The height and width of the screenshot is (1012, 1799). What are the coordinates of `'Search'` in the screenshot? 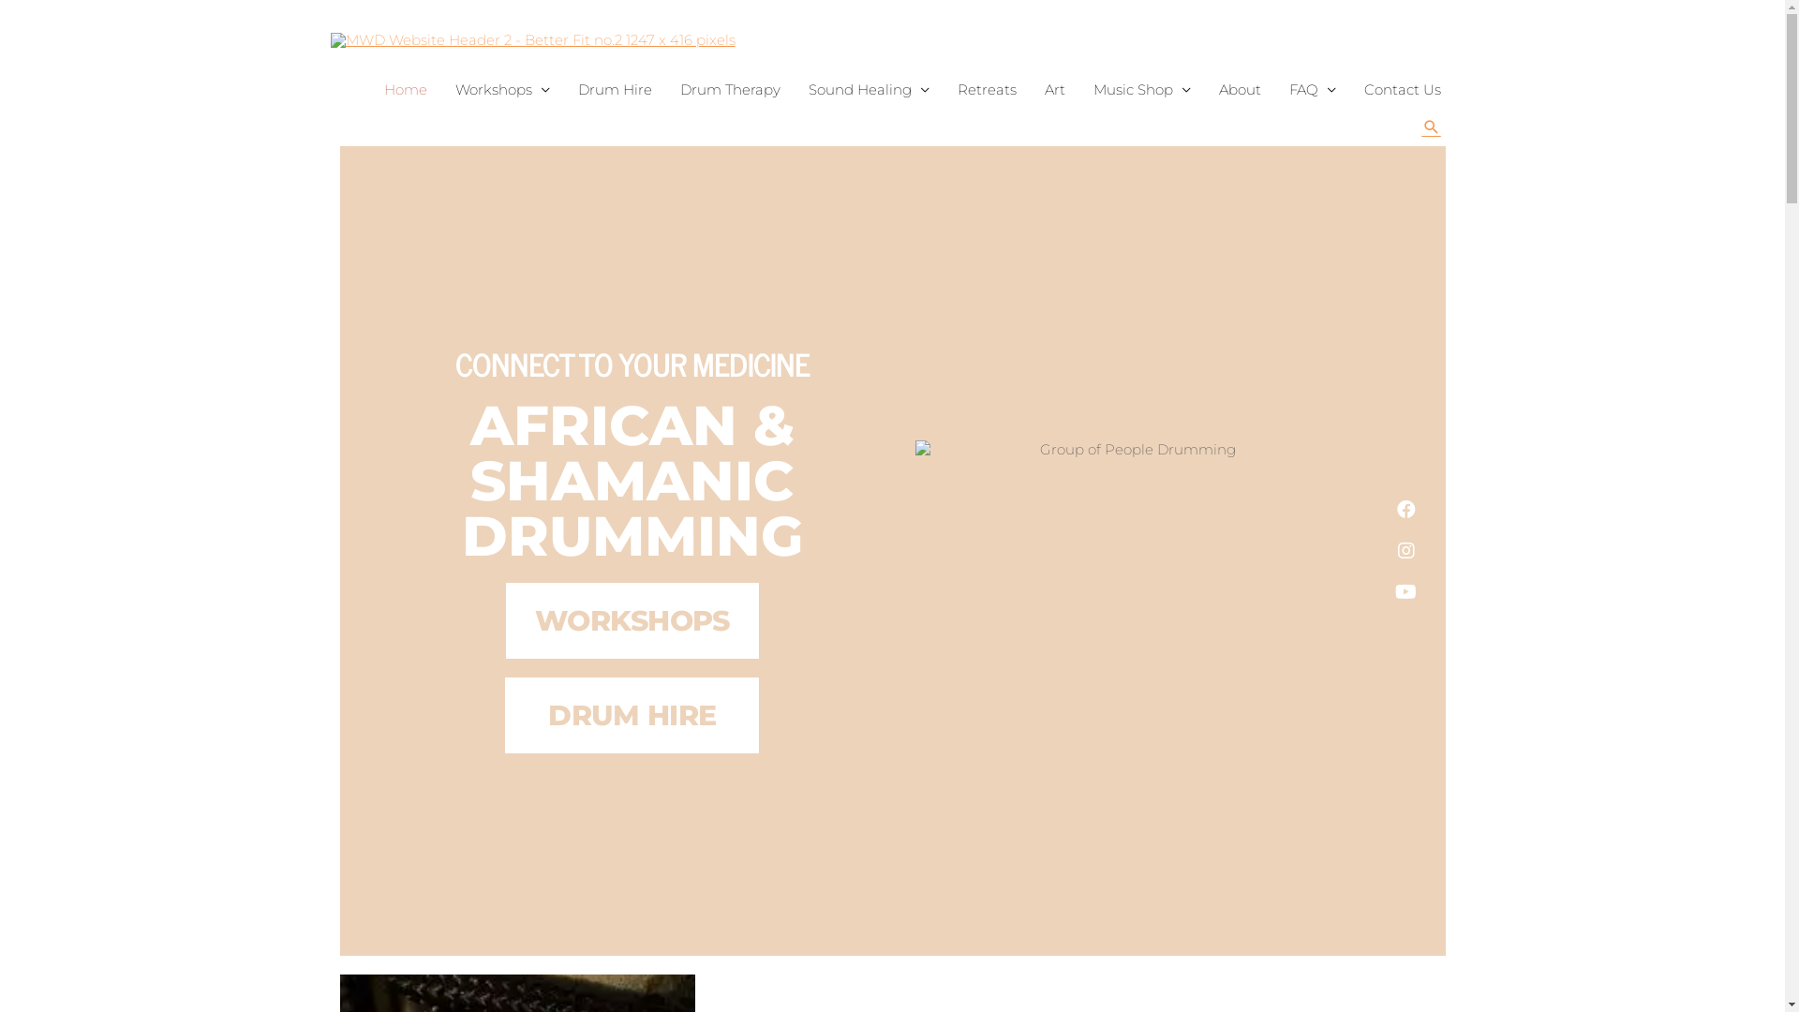 It's located at (1430, 126).